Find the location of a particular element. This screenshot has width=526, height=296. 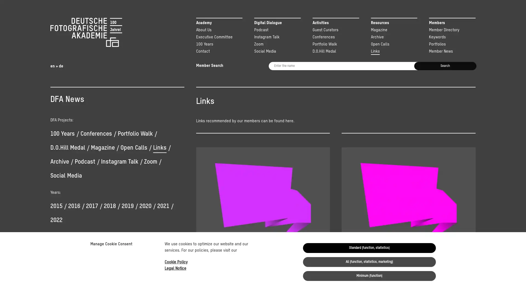

No is located at coordinates (67, 251).